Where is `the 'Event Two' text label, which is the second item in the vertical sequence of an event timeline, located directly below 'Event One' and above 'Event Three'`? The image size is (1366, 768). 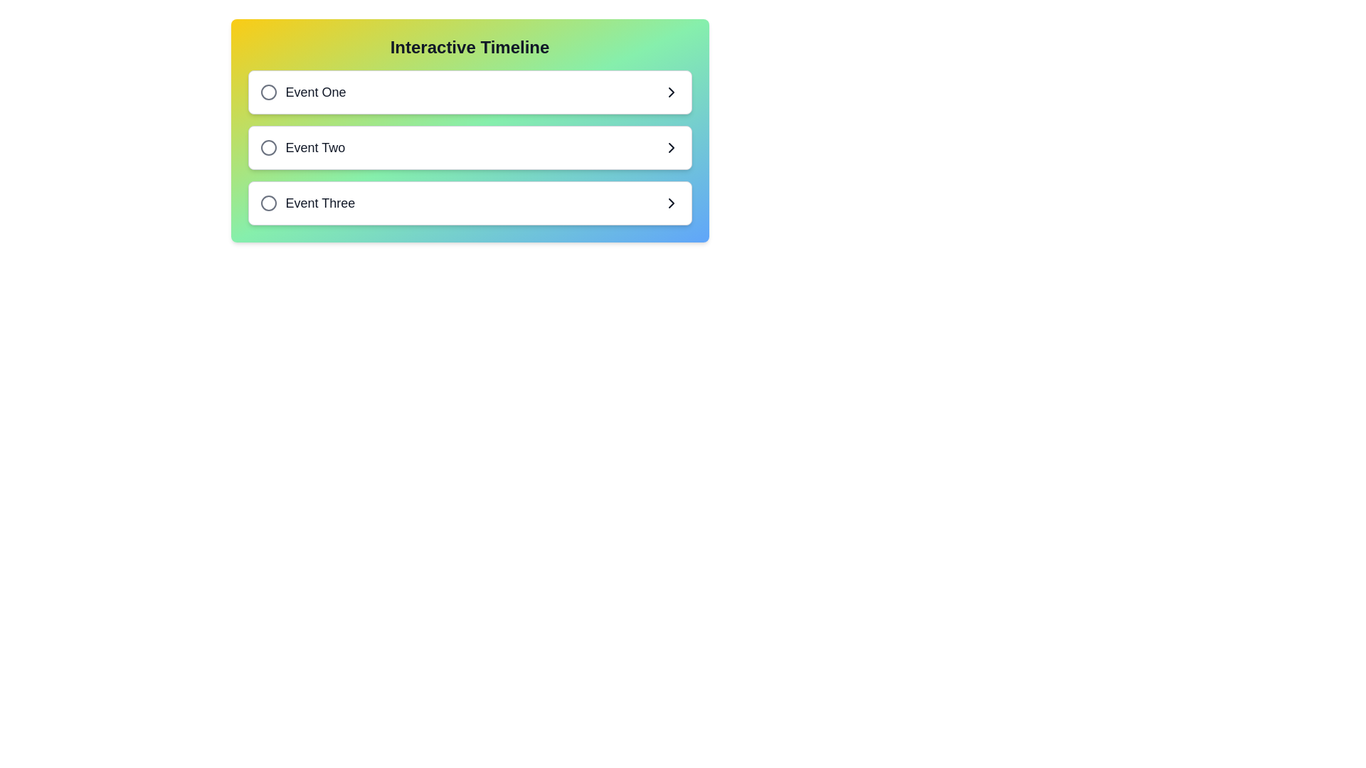
the 'Event Two' text label, which is the second item in the vertical sequence of an event timeline, located directly below 'Event One' and above 'Event Three' is located at coordinates (314, 148).